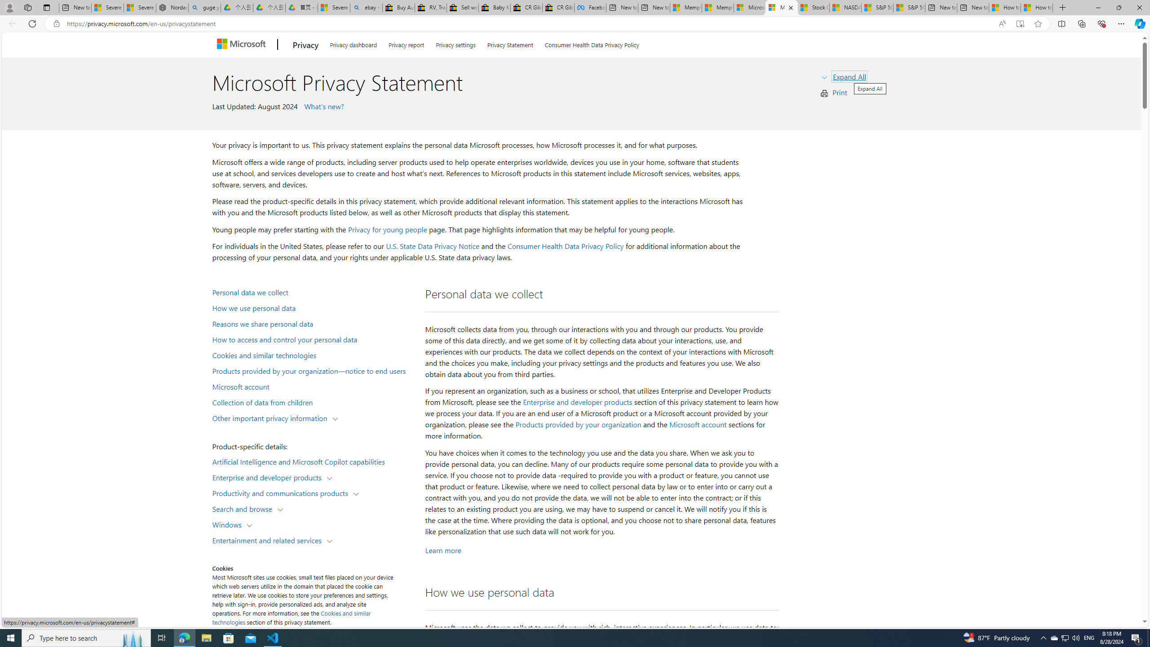 This screenshot has height=647, width=1150. Describe the element at coordinates (406, 43) in the screenshot. I see `'Privacy report'` at that location.